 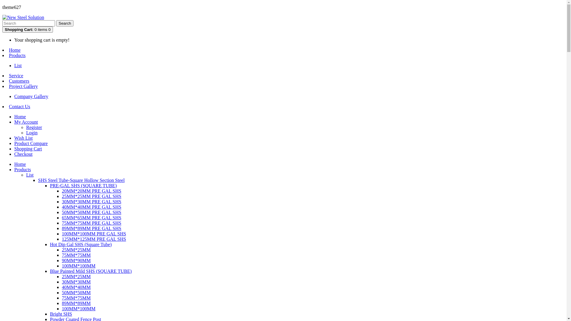 I want to click on 'Service', so click(x=9, y=75).